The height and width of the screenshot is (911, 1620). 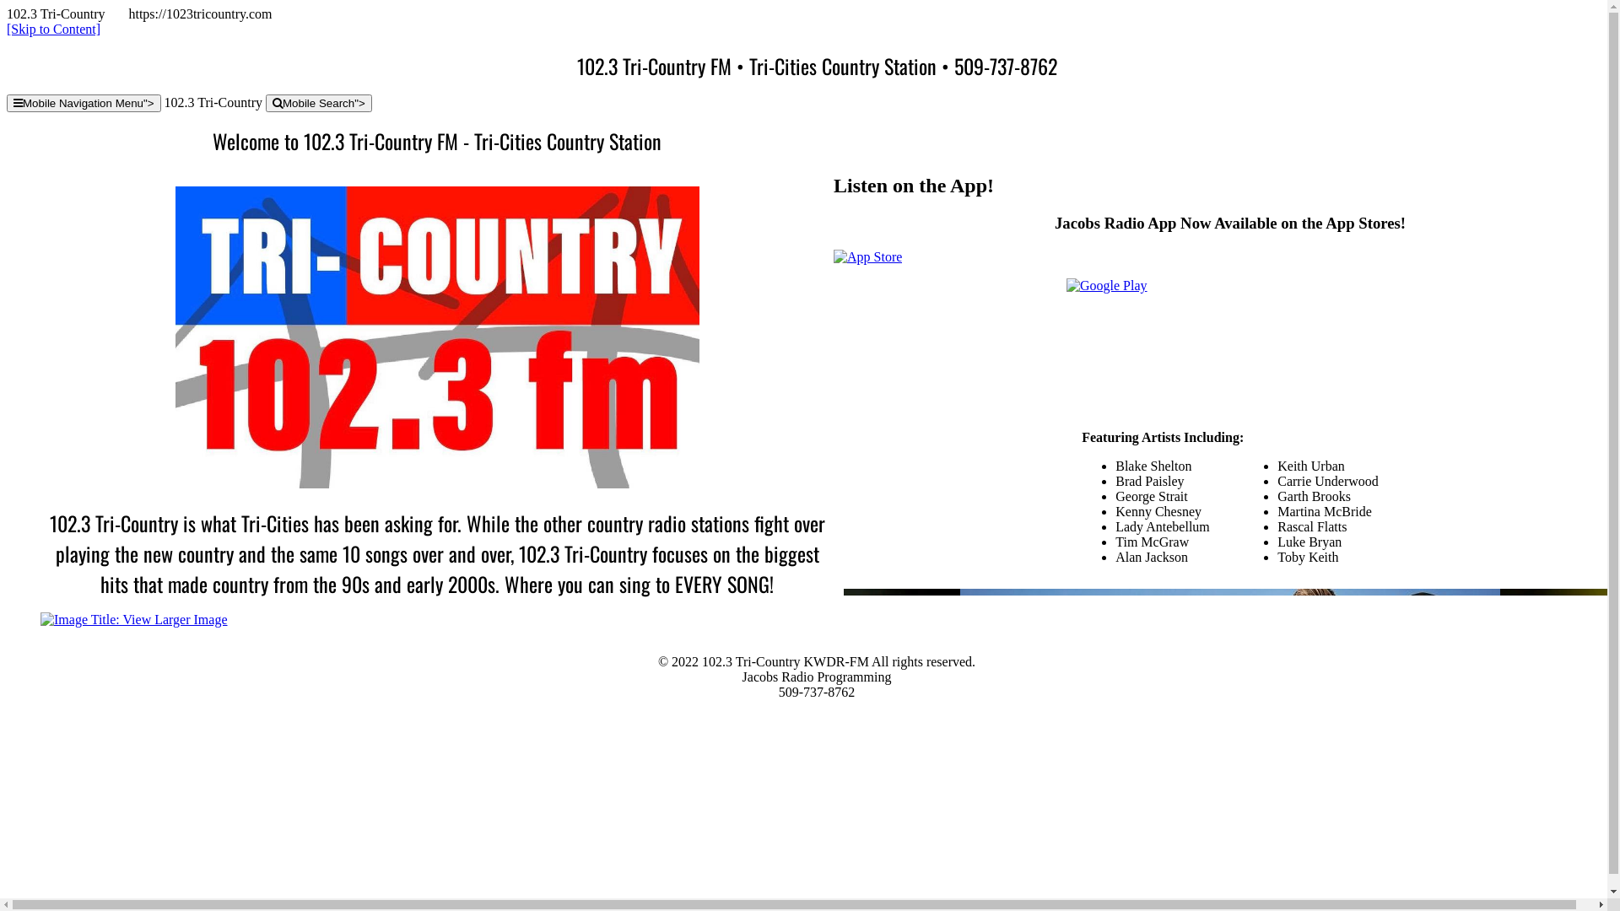 What do you see at coordinates (132, 619) in the screenshot?
I see `'View Larger Image'` at bounding box center [132, 619].